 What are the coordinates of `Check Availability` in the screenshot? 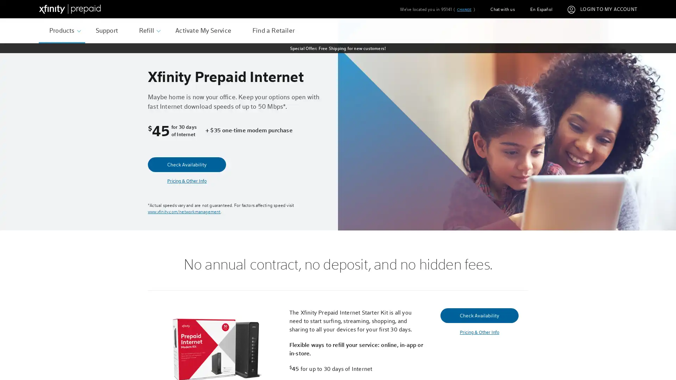 It's located at (479, 315).